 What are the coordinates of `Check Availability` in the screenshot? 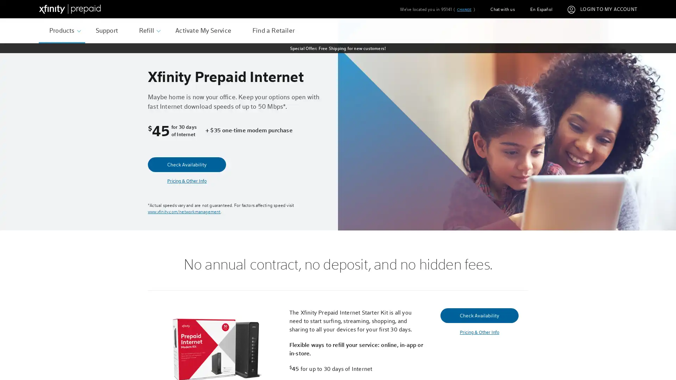 It's located at (479, 315).